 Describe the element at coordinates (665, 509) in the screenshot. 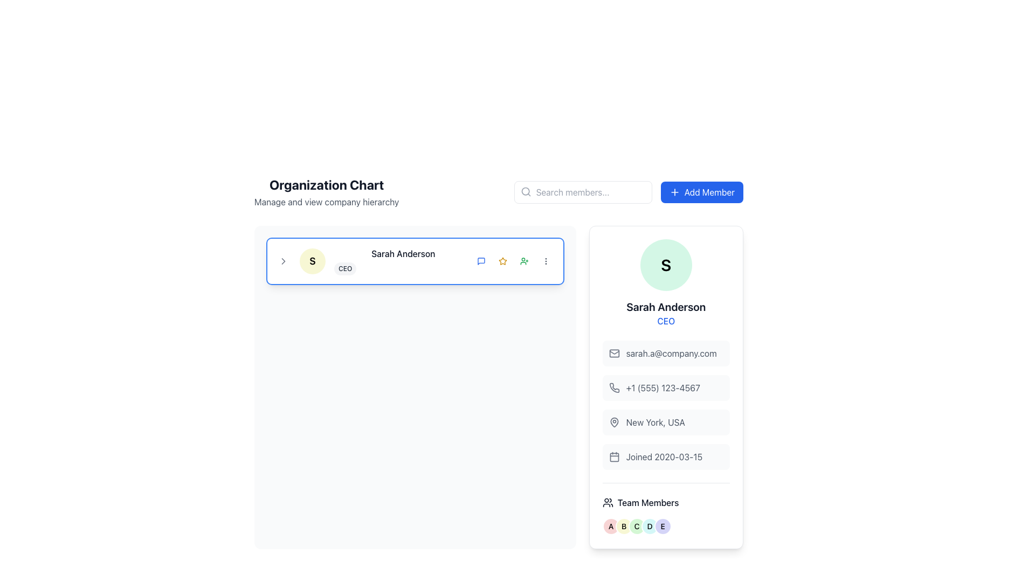

I see `the avatar representing team member 'A' in the 'Team Members' section located at the bottom of the right-hand panel under details about 'Sarah Anderson.'` at that location.